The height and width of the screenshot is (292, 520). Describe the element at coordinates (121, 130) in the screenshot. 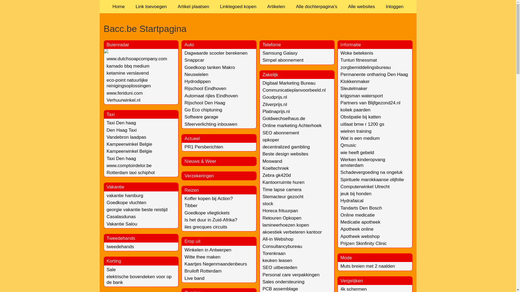

I see `'Den Haag Taxi'` at that location.